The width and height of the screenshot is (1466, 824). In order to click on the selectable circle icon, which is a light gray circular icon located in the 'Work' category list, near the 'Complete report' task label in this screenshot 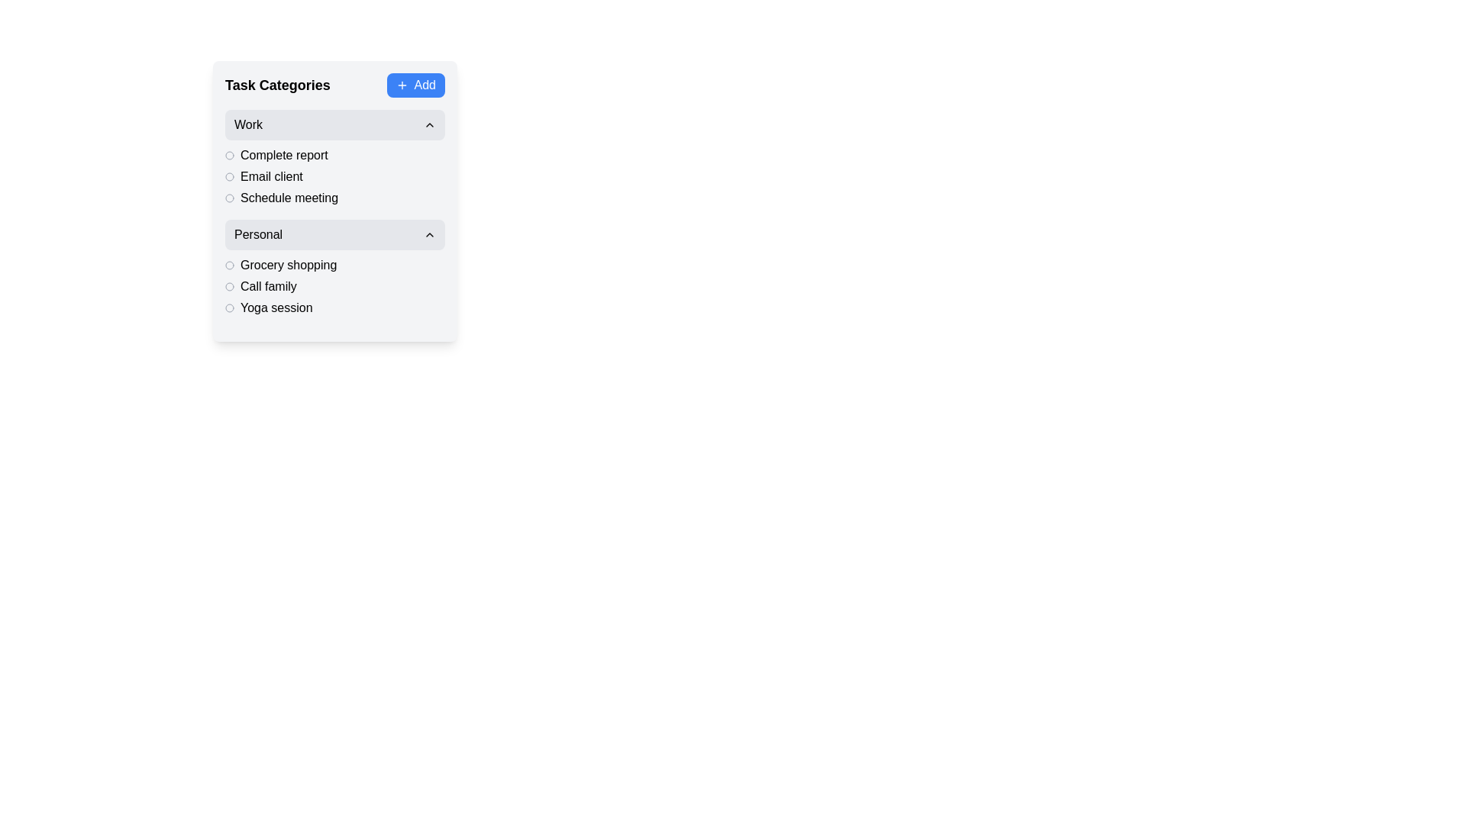, I will do `click(229, 156)`.